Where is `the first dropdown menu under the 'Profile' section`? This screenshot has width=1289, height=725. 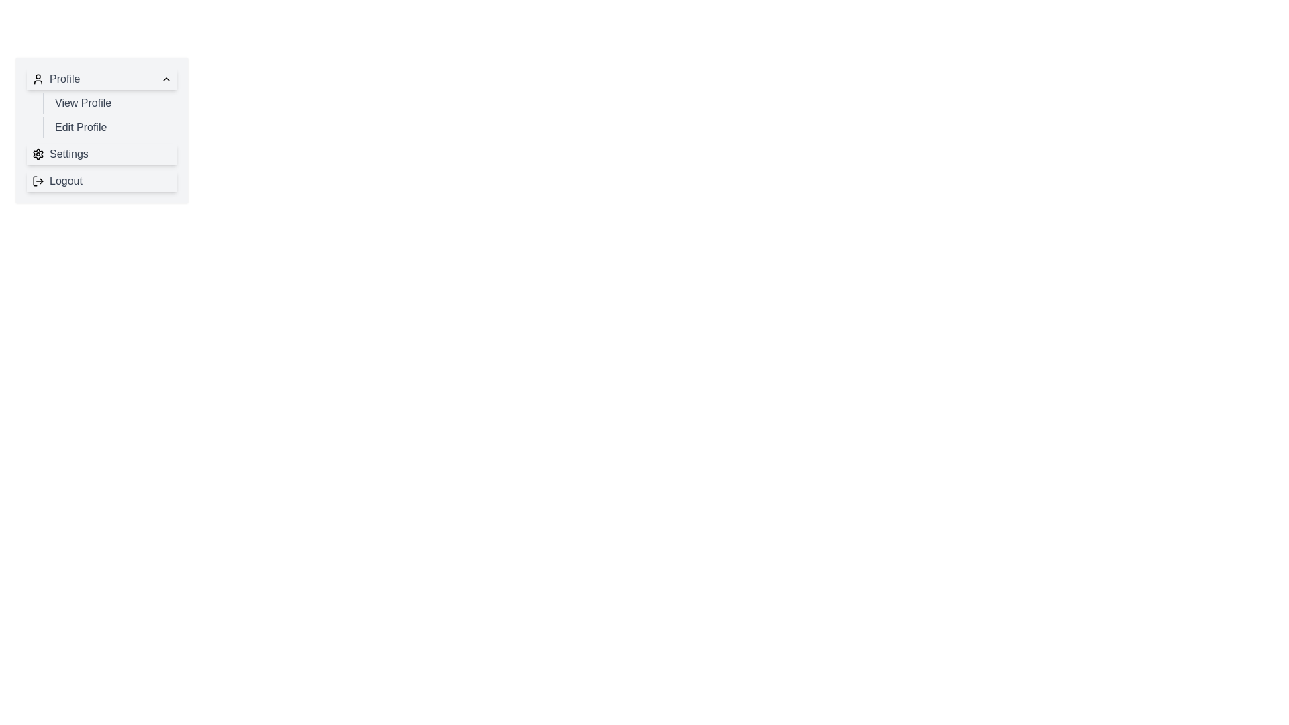
the first dropdown menu under the 'Profile' section is located at coordinates (101, 103).